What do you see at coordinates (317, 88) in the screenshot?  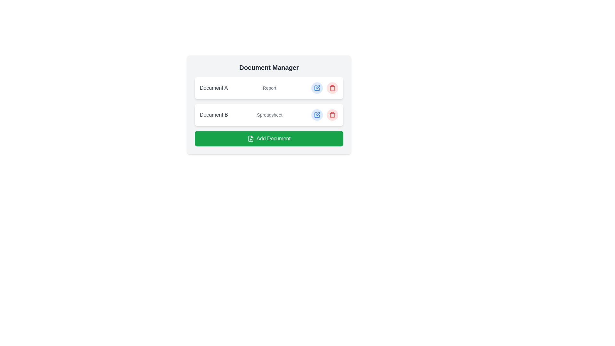 I see `the thin rectangular outline of the pen icon, which is part of the edit button for 'Document B'` at bounding box center [317, 88].